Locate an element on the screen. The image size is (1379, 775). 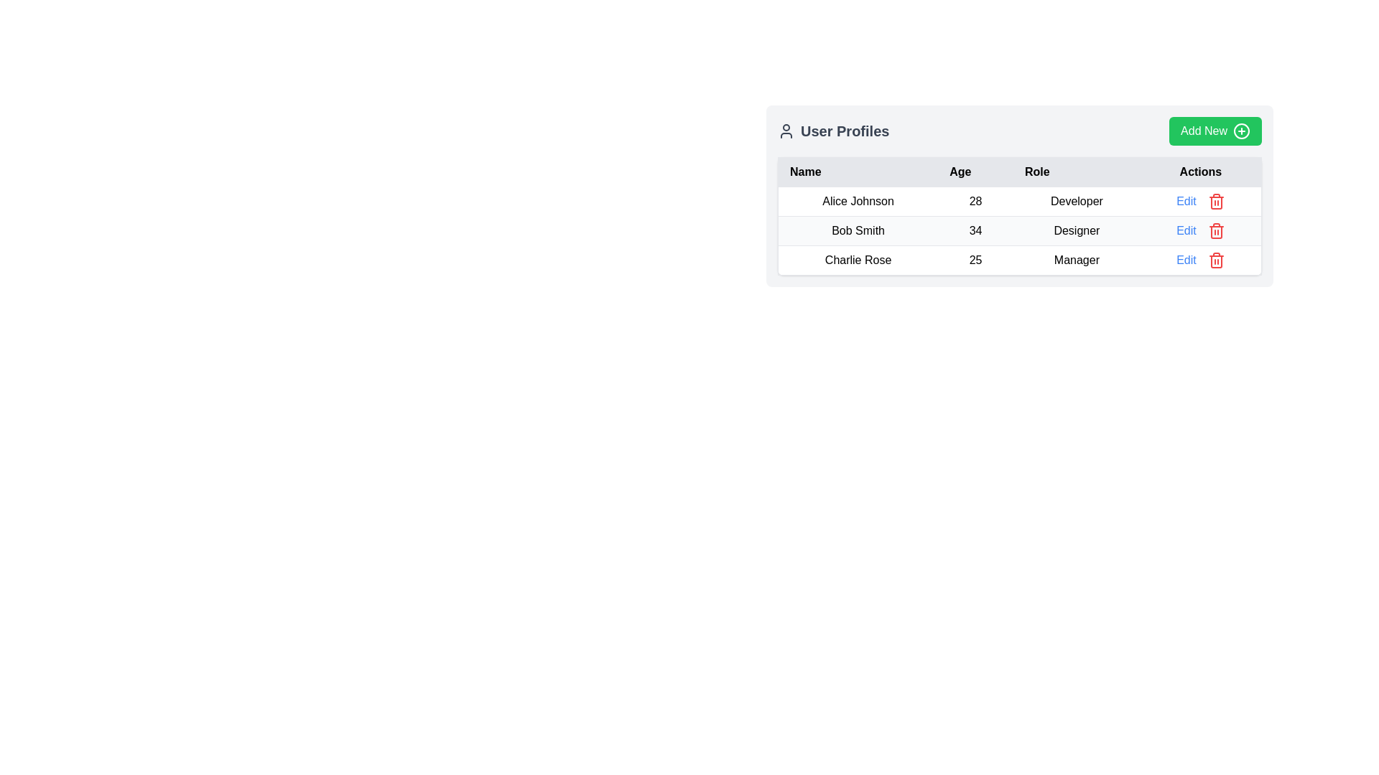
the interactive text link for editing the user profile data of 'Bob Smith' is located at coordinates (1186, 230).